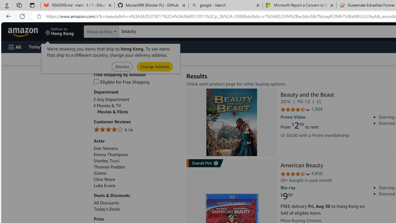 The image size is (396, 223). What do you see at coordinates (158, 46) in the screenshot?
I see `'Sell'` at bounding box center [158, 46].